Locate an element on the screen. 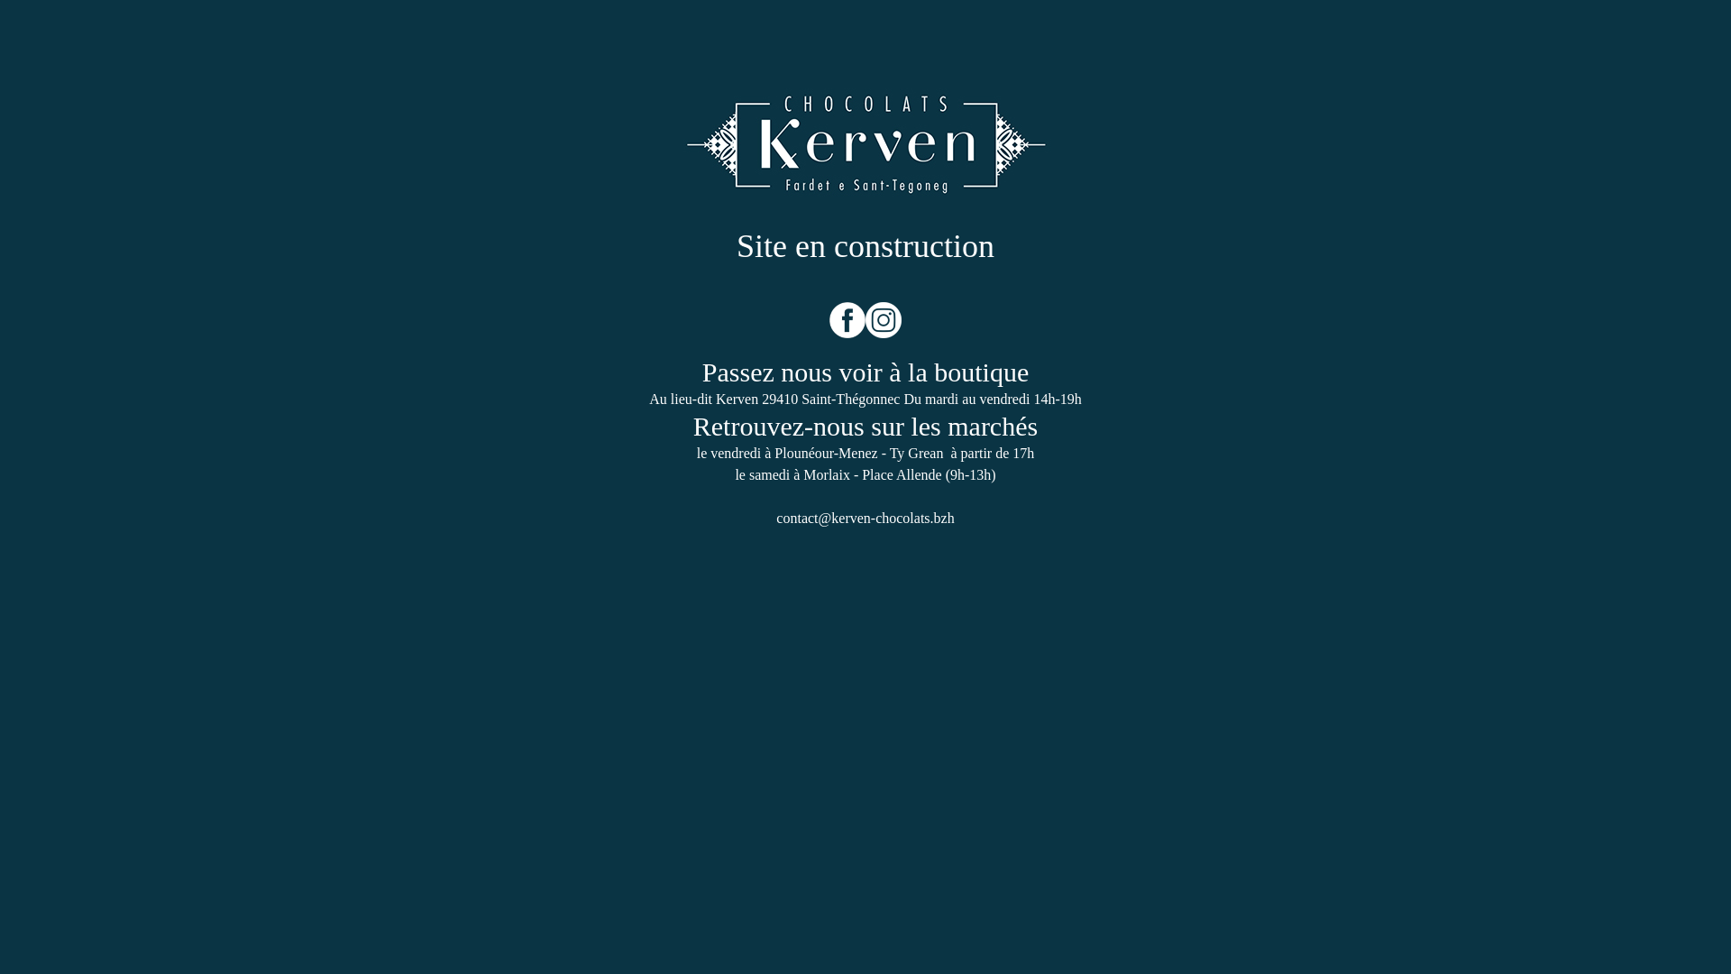 The width and height of the screenshot is (1731, 974). 'contact@kerven-chocolats.bzh' is located at coordinates (864, 518).